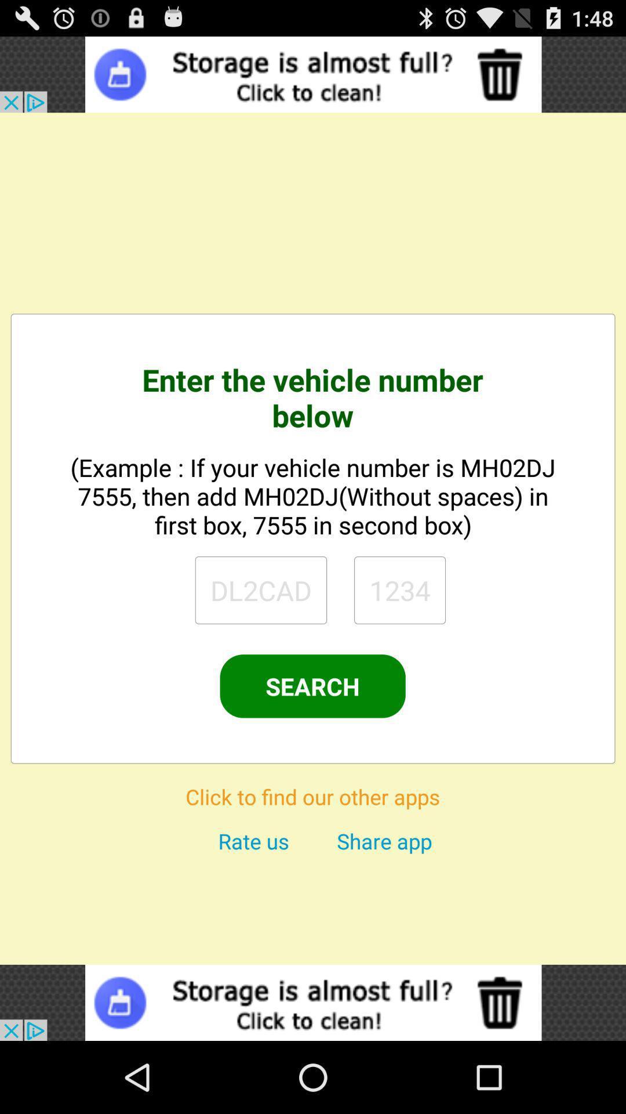 This screenshot has width=626, height=1114. I want to click on search page, so click(261, 590).